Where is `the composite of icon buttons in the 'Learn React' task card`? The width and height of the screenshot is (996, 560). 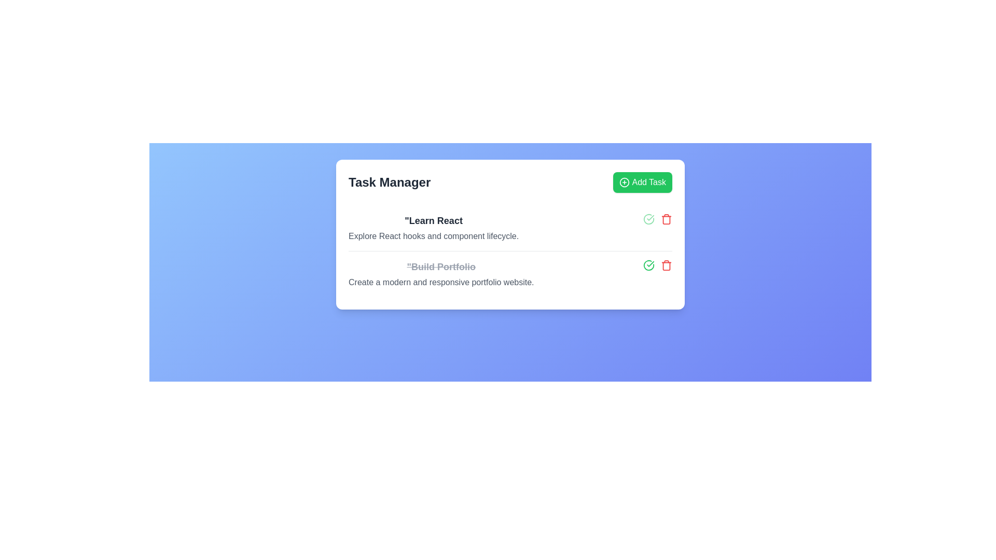
the composite of icon buttons in the 'Learn React' task card is located at coordinates (657, 219).